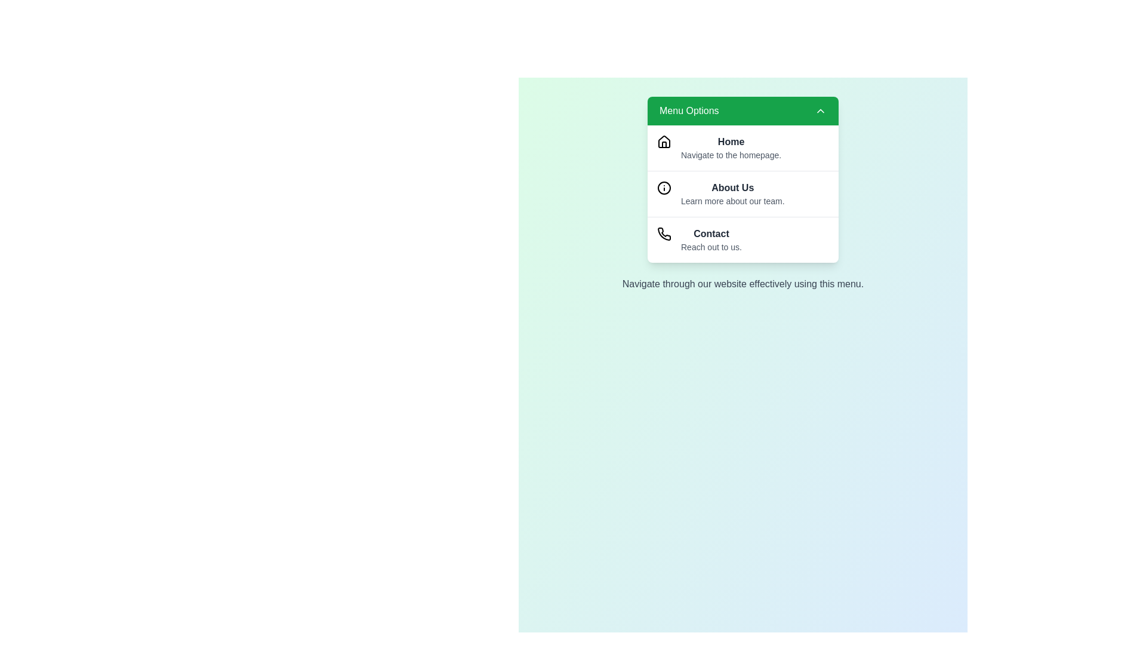 This screenshot has width=1146, height=645. What do you see at coordinates (742, 110) in the screenshot?
I see `the menu header to toggle the menu's state` at bounding box center [742, 110].